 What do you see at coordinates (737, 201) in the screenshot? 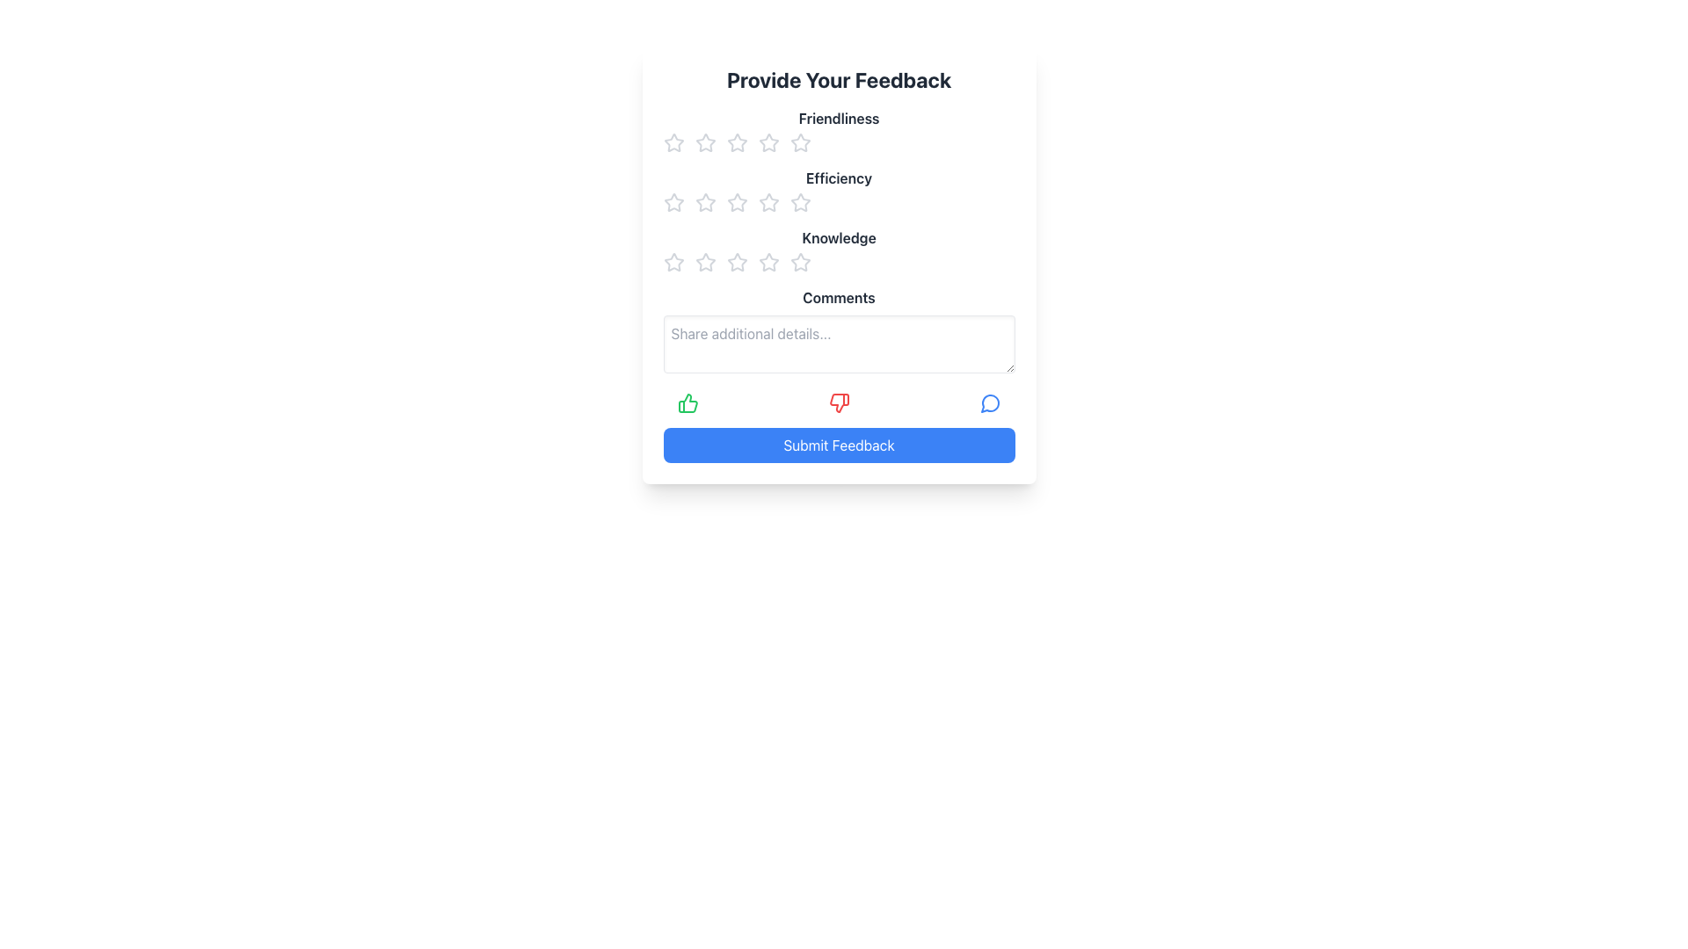
I see `the second star in the Efficiency row of the feedback form` at bounding box center [737, 201].